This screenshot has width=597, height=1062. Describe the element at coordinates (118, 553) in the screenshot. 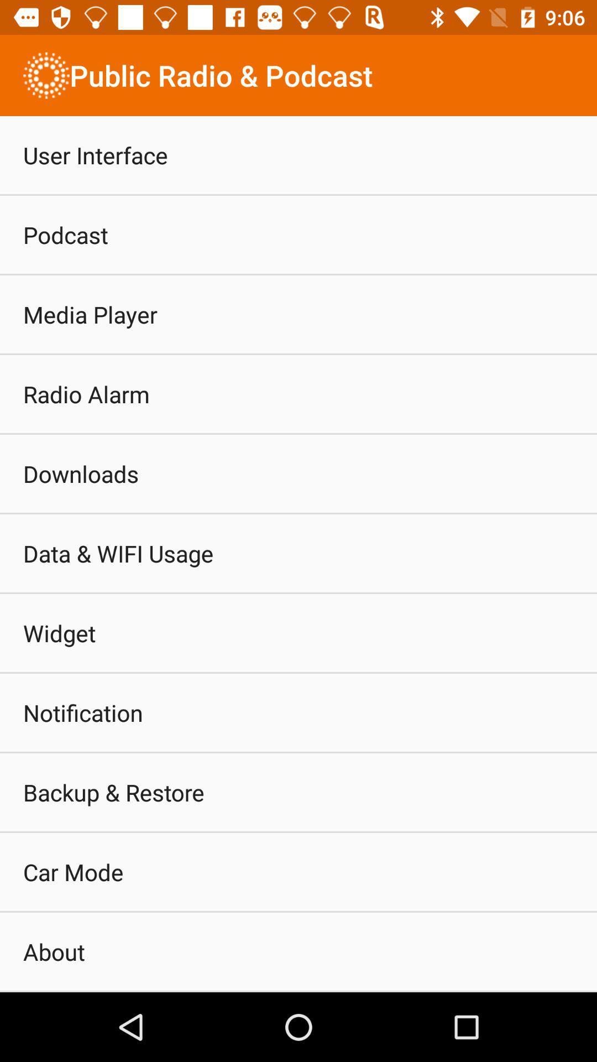

I see `the data & wifi usage item` at that location.